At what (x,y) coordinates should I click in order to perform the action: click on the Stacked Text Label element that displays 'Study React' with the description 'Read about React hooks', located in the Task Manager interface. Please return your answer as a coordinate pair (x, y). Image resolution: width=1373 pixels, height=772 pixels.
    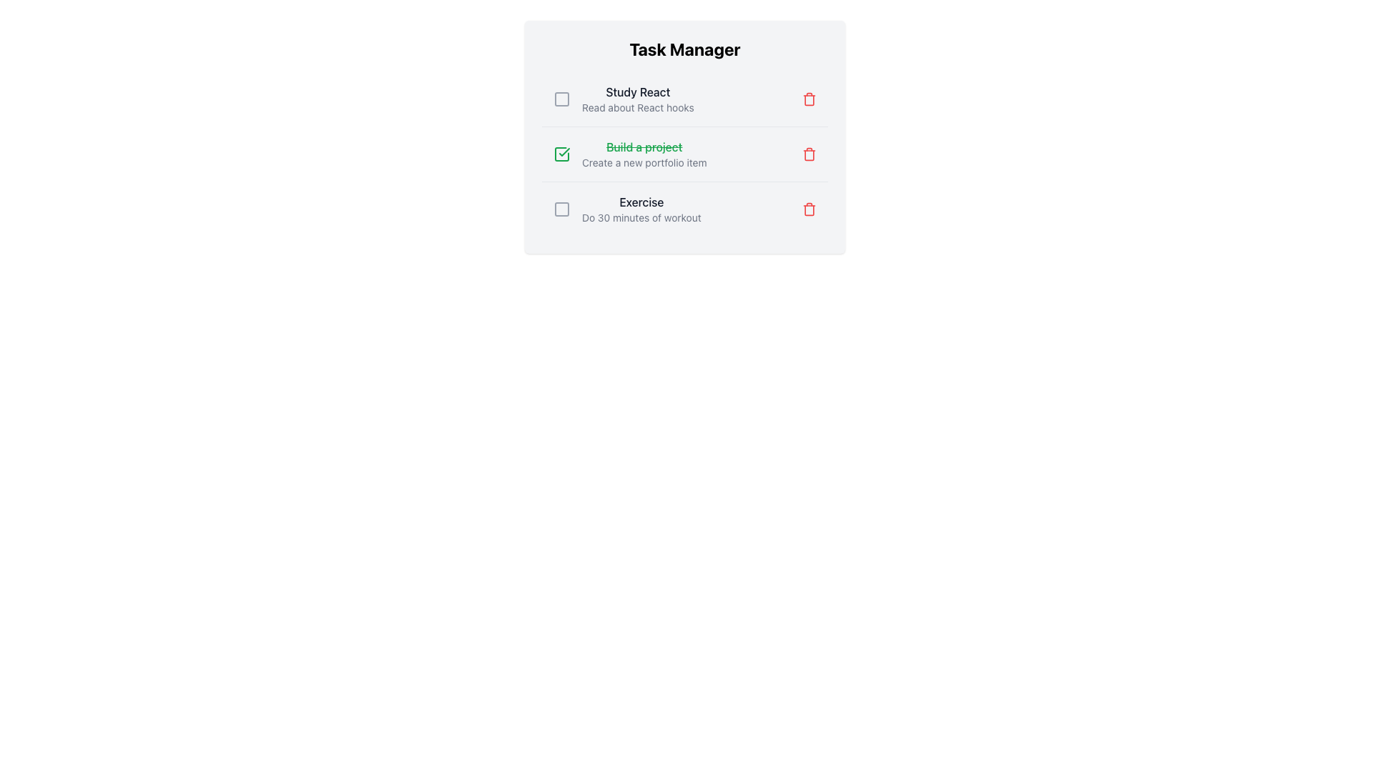
    Looking at the image, I should click on (637, 98).